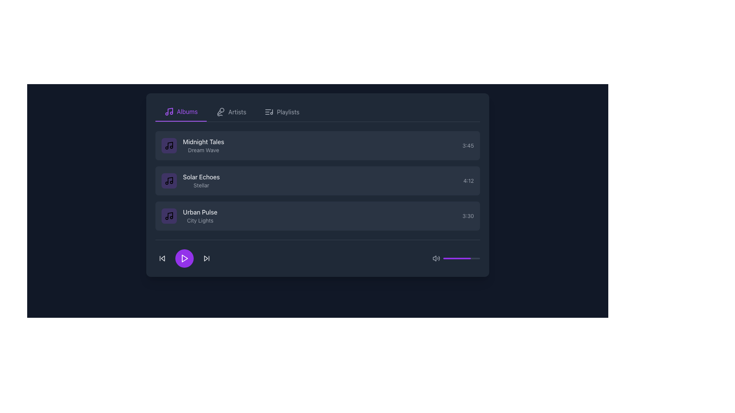  I want to click on the 'Albums' text label in the navigation tab, so click(187, 112).